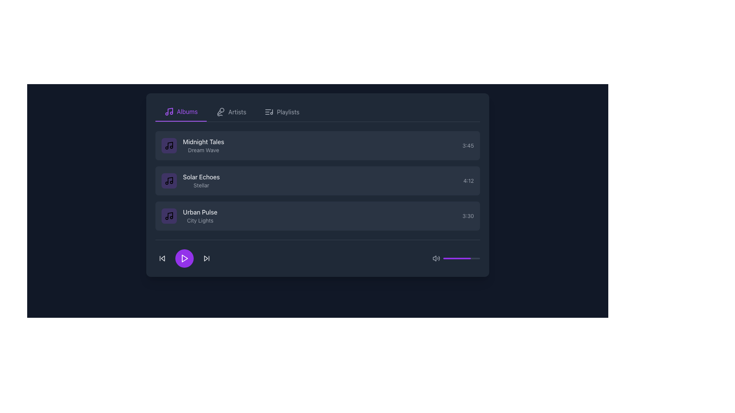  I want to click on the 'Albums' text label in the navigation tab, so click(187, 112).